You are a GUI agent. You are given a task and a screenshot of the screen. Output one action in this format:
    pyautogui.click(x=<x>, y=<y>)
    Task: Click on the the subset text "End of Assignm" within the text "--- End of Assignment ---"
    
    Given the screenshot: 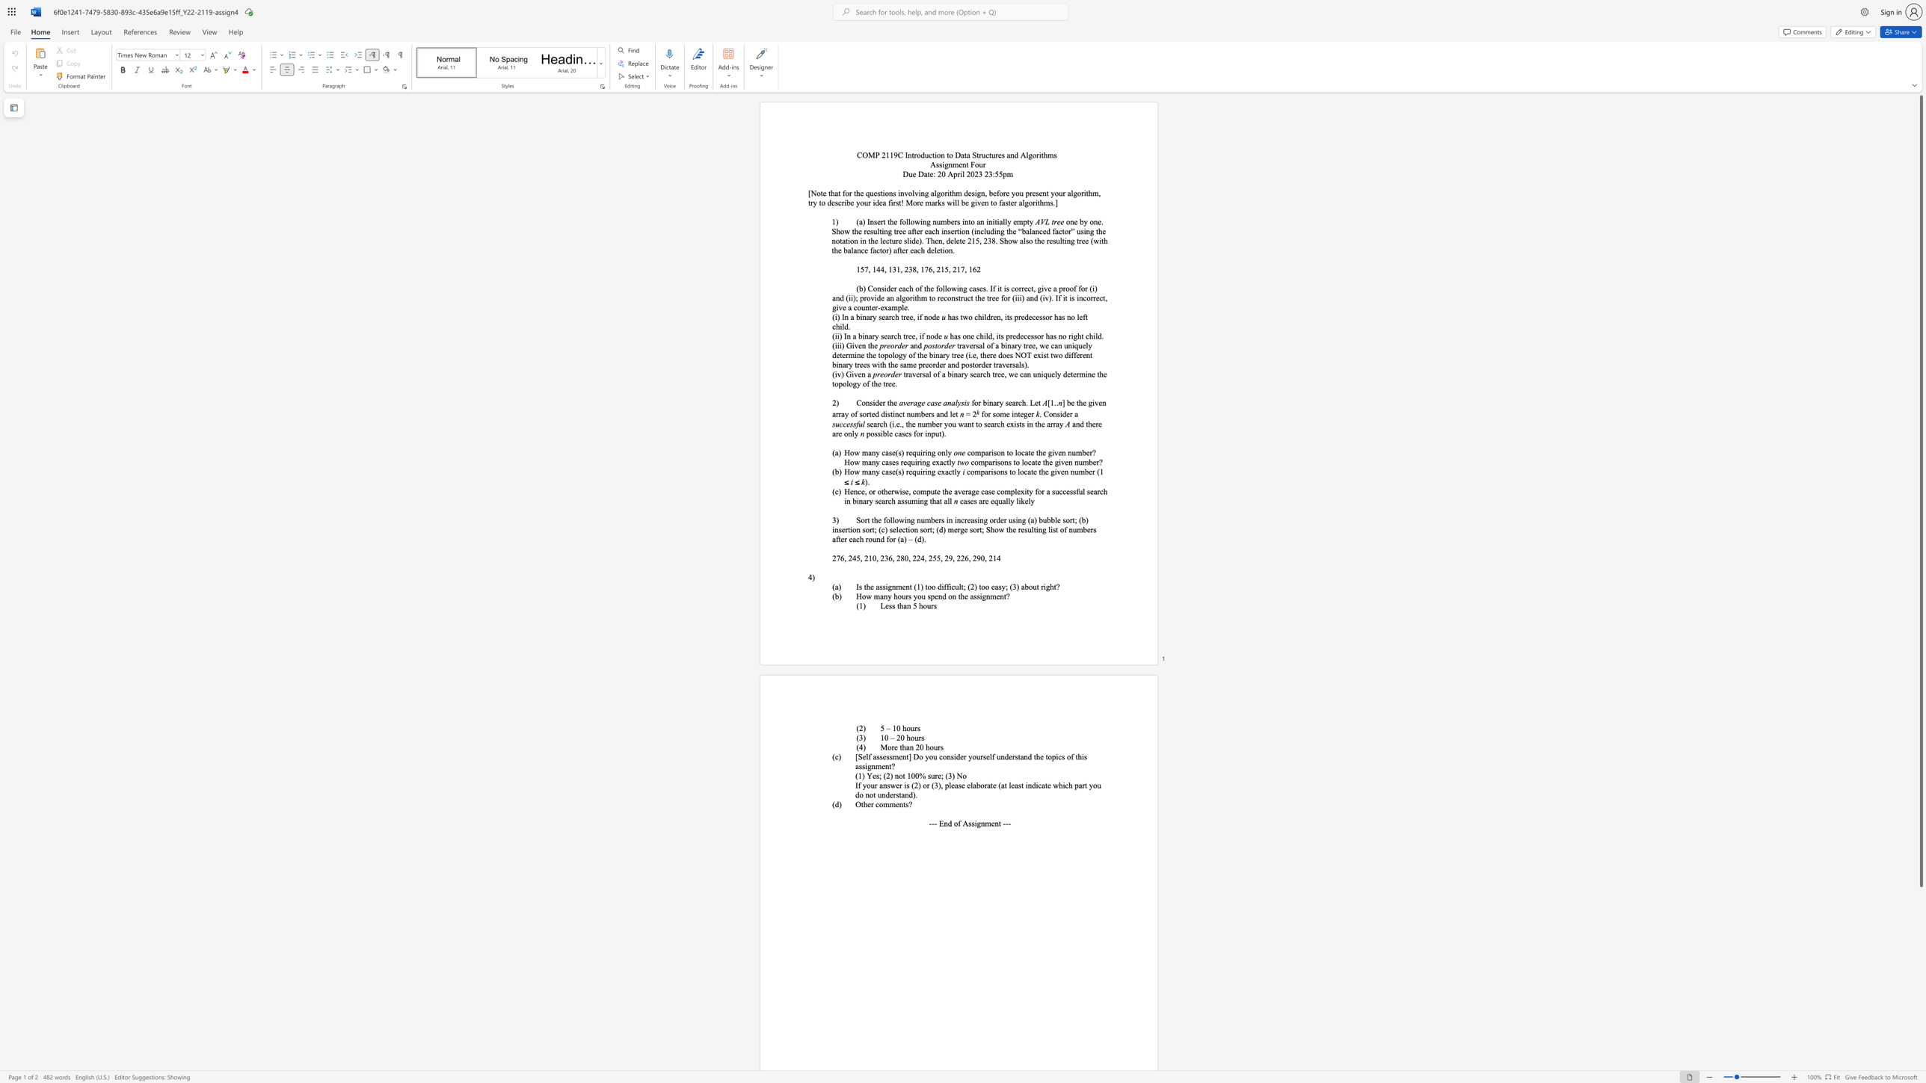 What is the action you would take?
    pyautogui.click(x=938, y=822)
    